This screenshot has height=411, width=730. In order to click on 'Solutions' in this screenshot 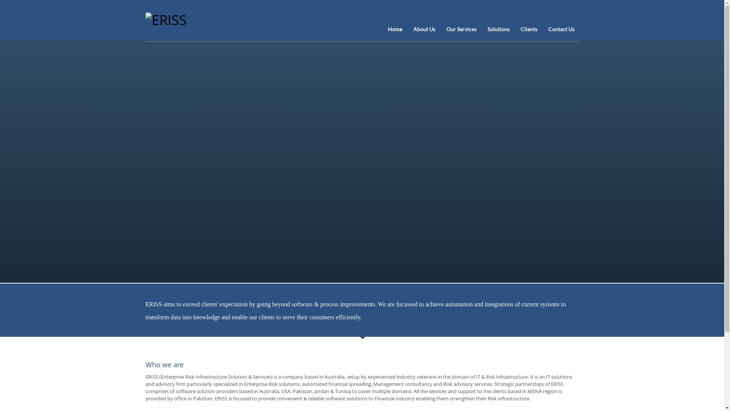, I will do `click(498, 29)`.